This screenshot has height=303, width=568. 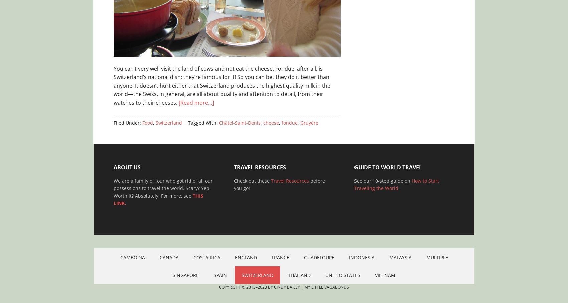 What do you see at coordinates (375, 275) in the screenshot?
I see `'Vietnam'` at bounding box center [375, 275].